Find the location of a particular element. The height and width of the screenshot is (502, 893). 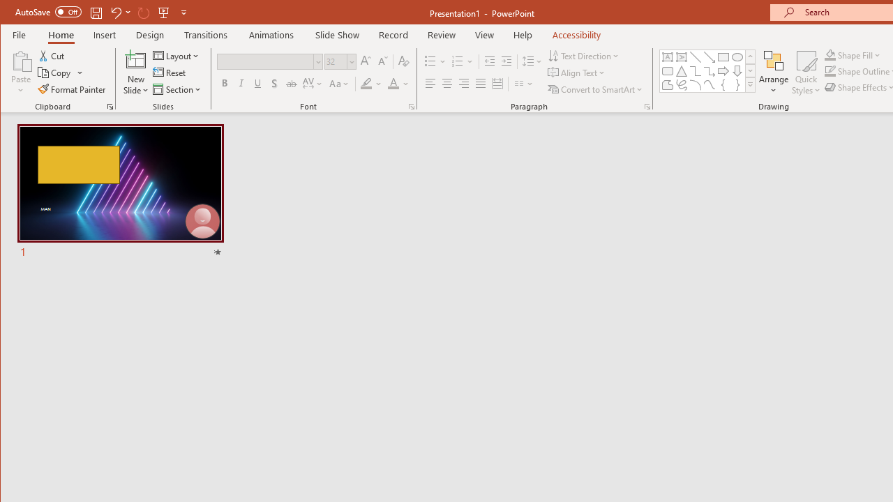

'Arc' is located at coordinates (696, 85).